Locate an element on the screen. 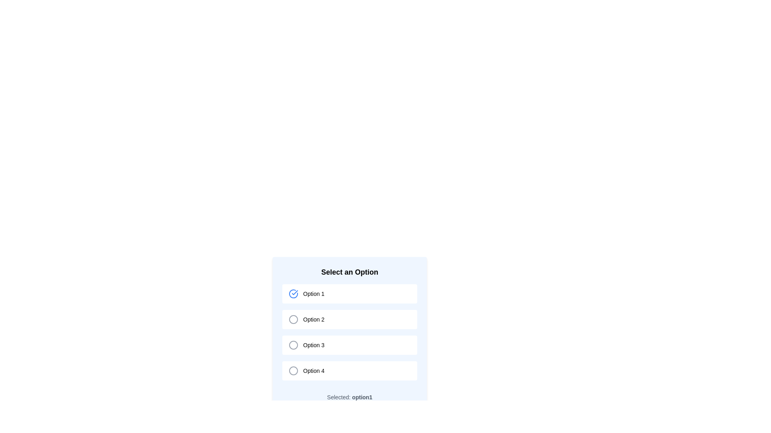  the second selectable list item located in a vertical list structure is located at coordinates (349, 319).